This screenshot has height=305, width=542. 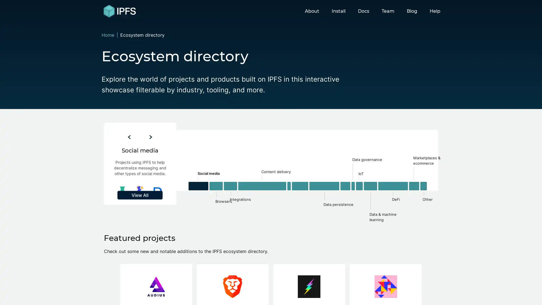 What do you see at coordinates (140, 221) in the screenshot?
I see `View All` at bounding box center [140, 221].